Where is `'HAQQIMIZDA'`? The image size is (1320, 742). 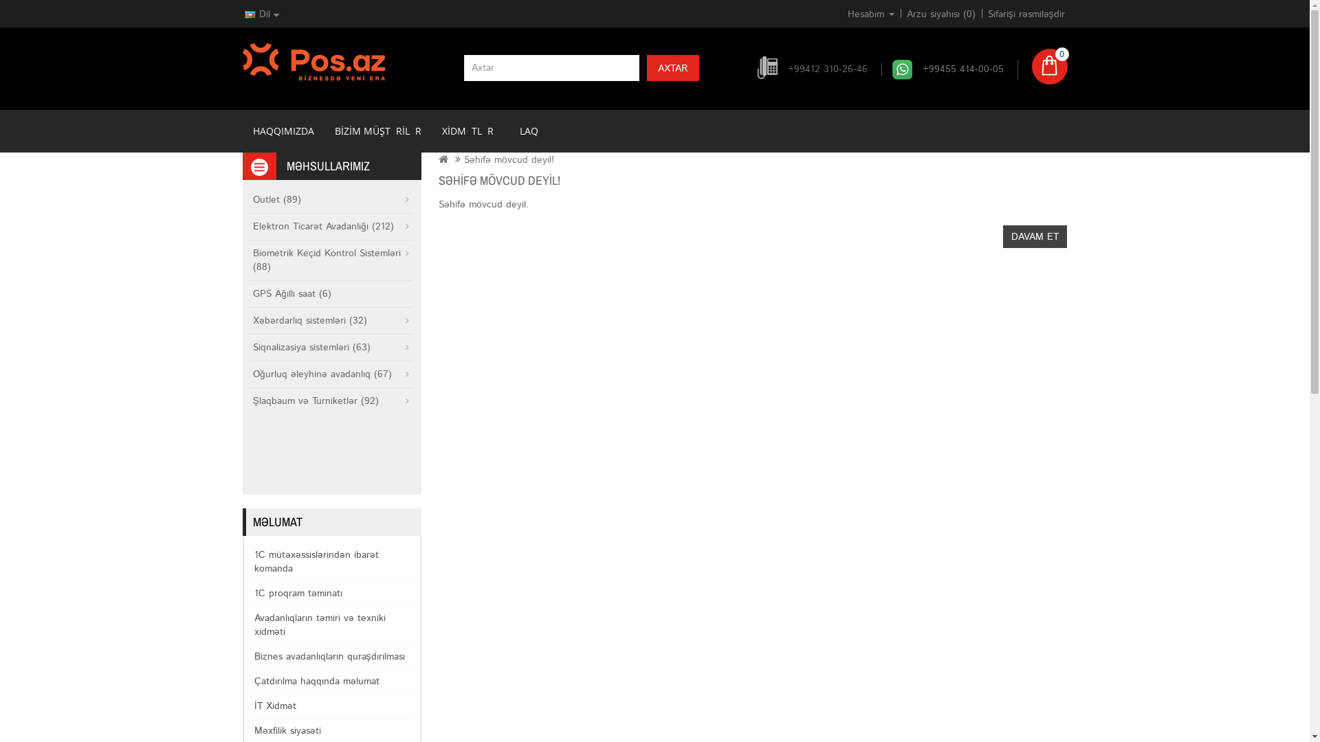
'HAQQIMIZDA' is located at coordinates (241, 131).